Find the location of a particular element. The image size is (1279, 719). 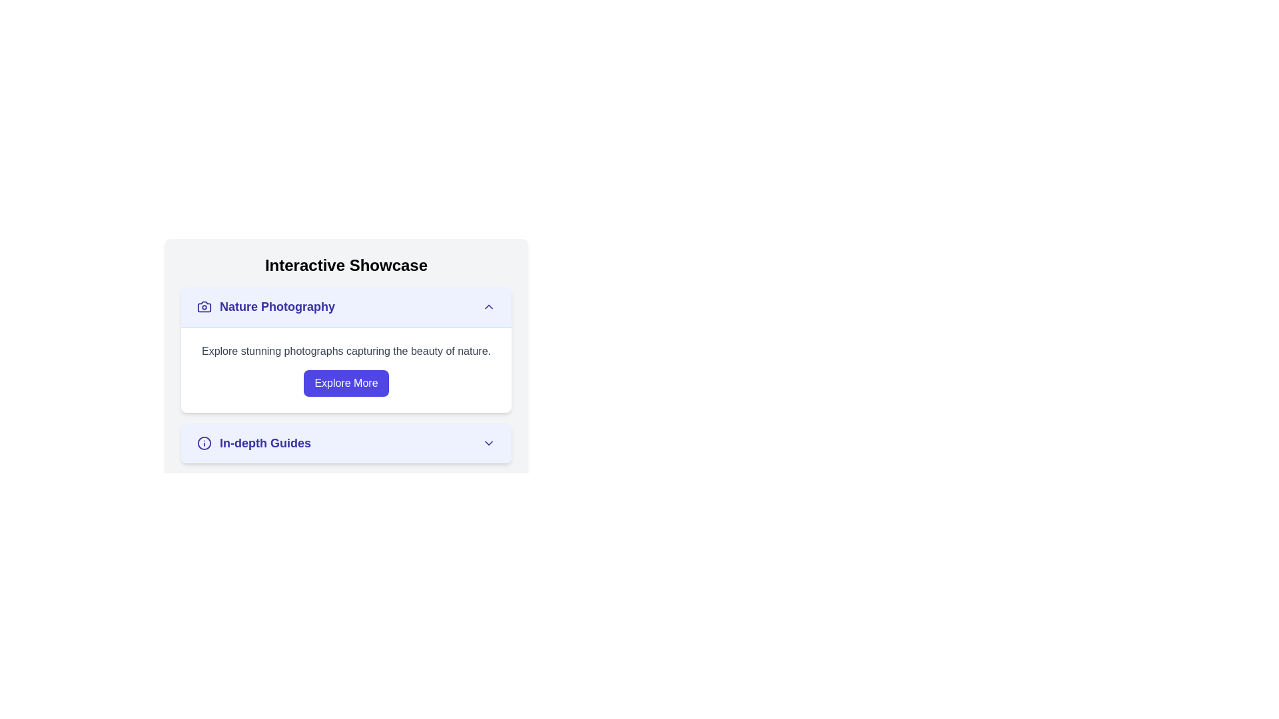

the icon that provides additional information or instructions in the 'In-depth Guides' section of the 'Interactive Showcase' is located at coordinates (204, 443).